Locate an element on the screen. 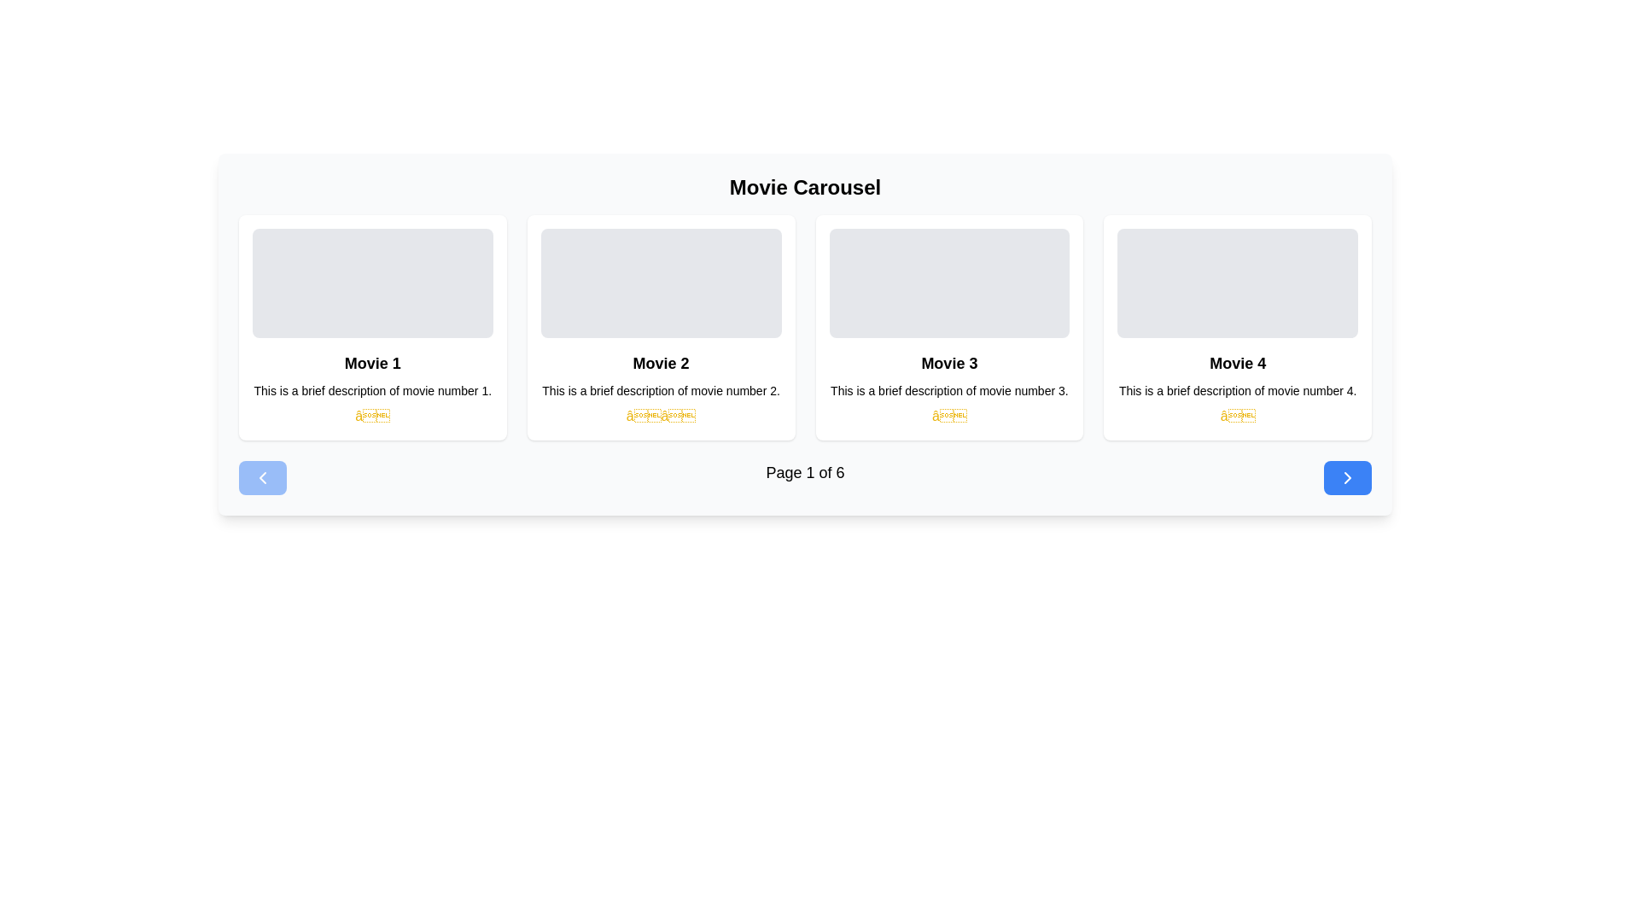 The width and height of the screenshot is (1639, 922). the yellow star icon located beneath the descriptive text of the 'Movie 4' card in the fourth column of the movie carousel layout is located at coordinates (1238, 417).